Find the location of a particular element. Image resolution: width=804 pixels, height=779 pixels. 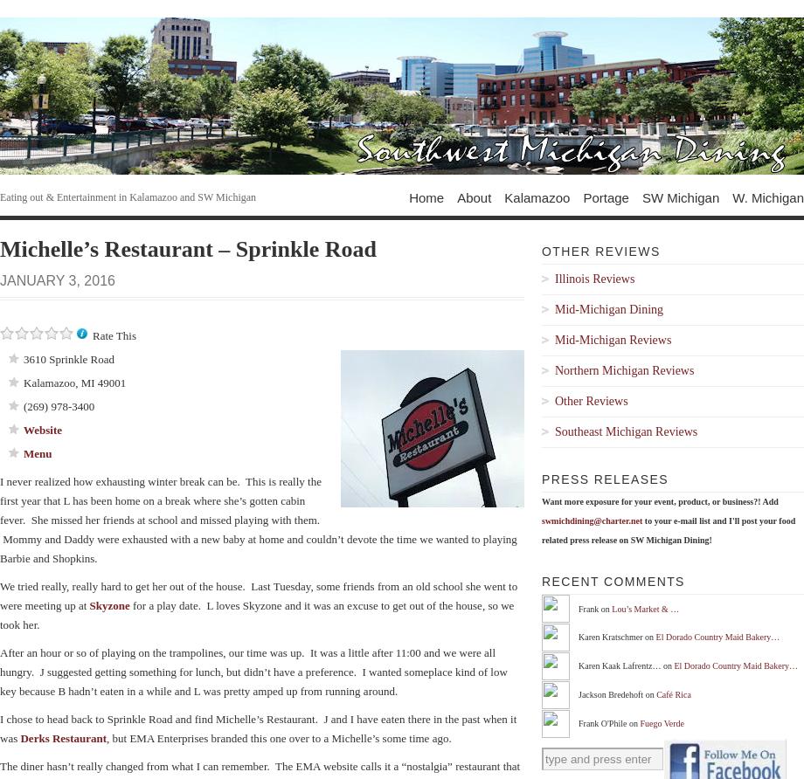

'January 3, 2016' is located at coordinates (0, 279).